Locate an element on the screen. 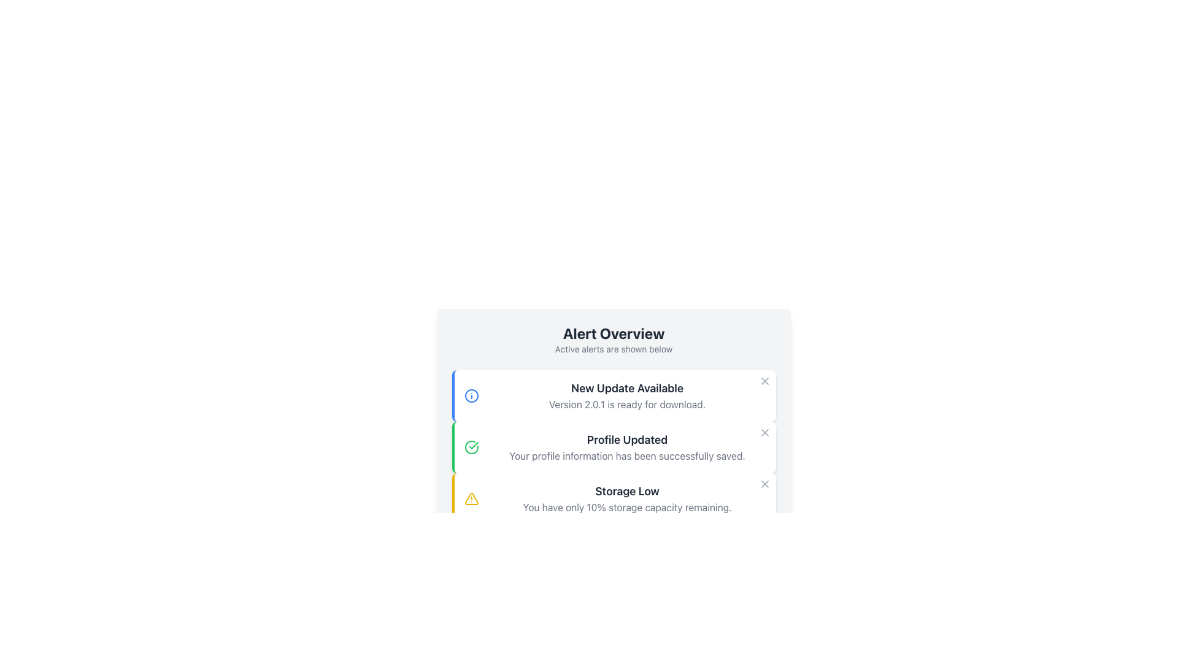  the Close Button, which is a small, circular button with a gray 'X' icon located at the top-right corner of the notification card displaying a warning about low storage is located at coordinates (764, 484).